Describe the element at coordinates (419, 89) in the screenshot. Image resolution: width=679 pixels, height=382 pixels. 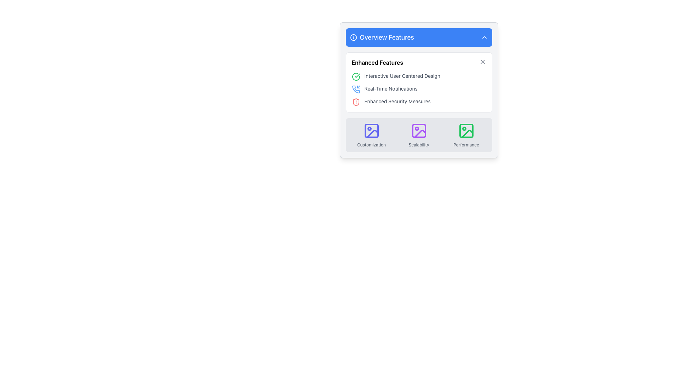
I see `the 'Real-Time Notifications' list item, which is the second item in the 'Enhanced Features' section` at that location.